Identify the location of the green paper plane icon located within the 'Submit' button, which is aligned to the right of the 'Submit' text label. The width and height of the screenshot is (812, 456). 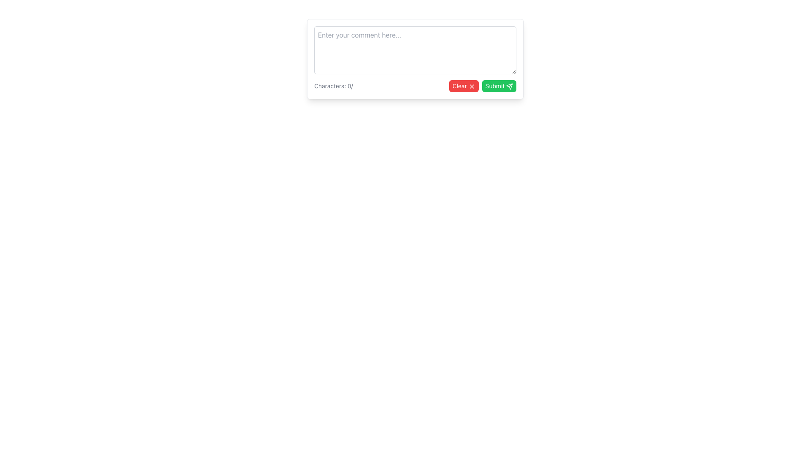
(509, 86).